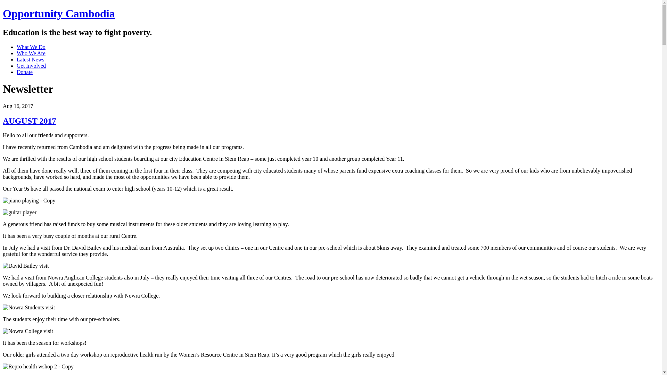  I want to click on 'Who We Are', so click(31, 53).